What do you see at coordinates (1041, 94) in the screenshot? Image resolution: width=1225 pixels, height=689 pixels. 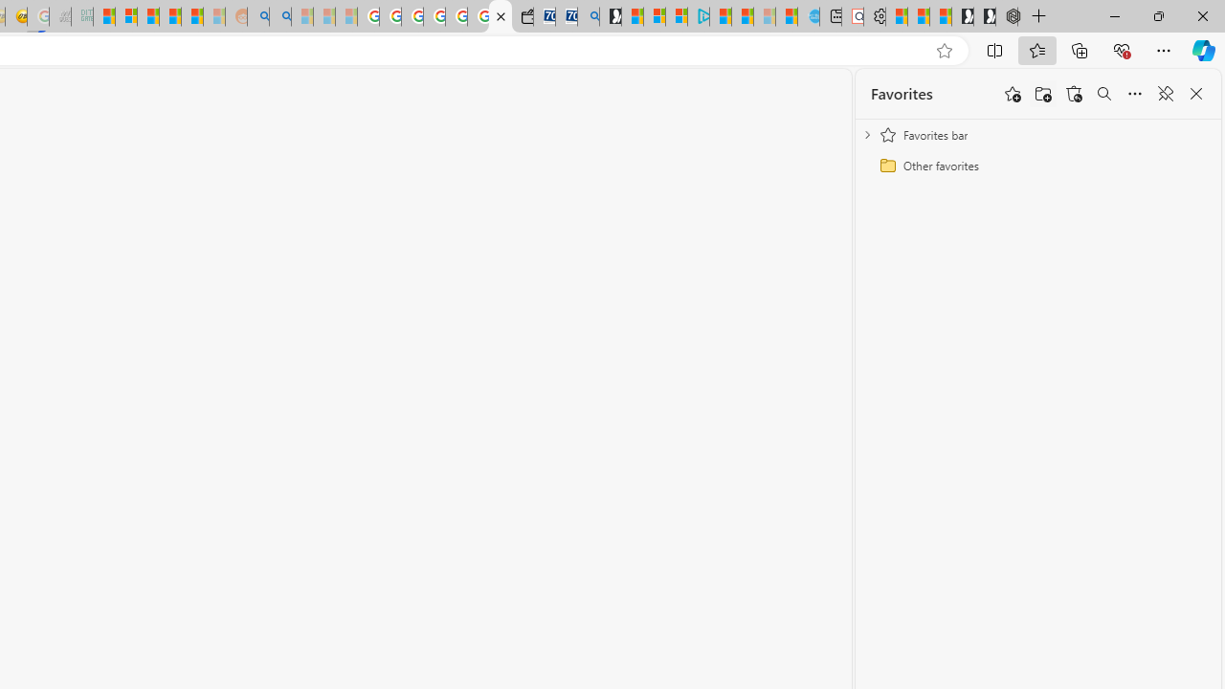 I see `'Add folder'` at bounding box center [1041, 94].